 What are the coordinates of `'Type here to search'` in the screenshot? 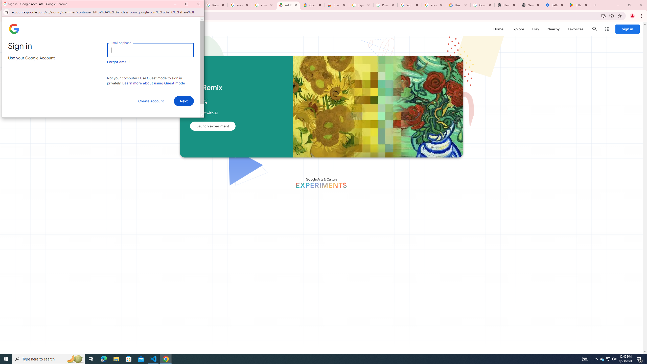 It's located at (48, 358).